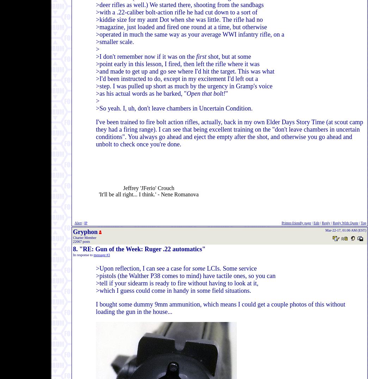 The height and width of the screenshot is (379, 368). Describe the element at coordinates (231, 268) in the screenshot. I see `'LCIs.  Some service'` at that location.